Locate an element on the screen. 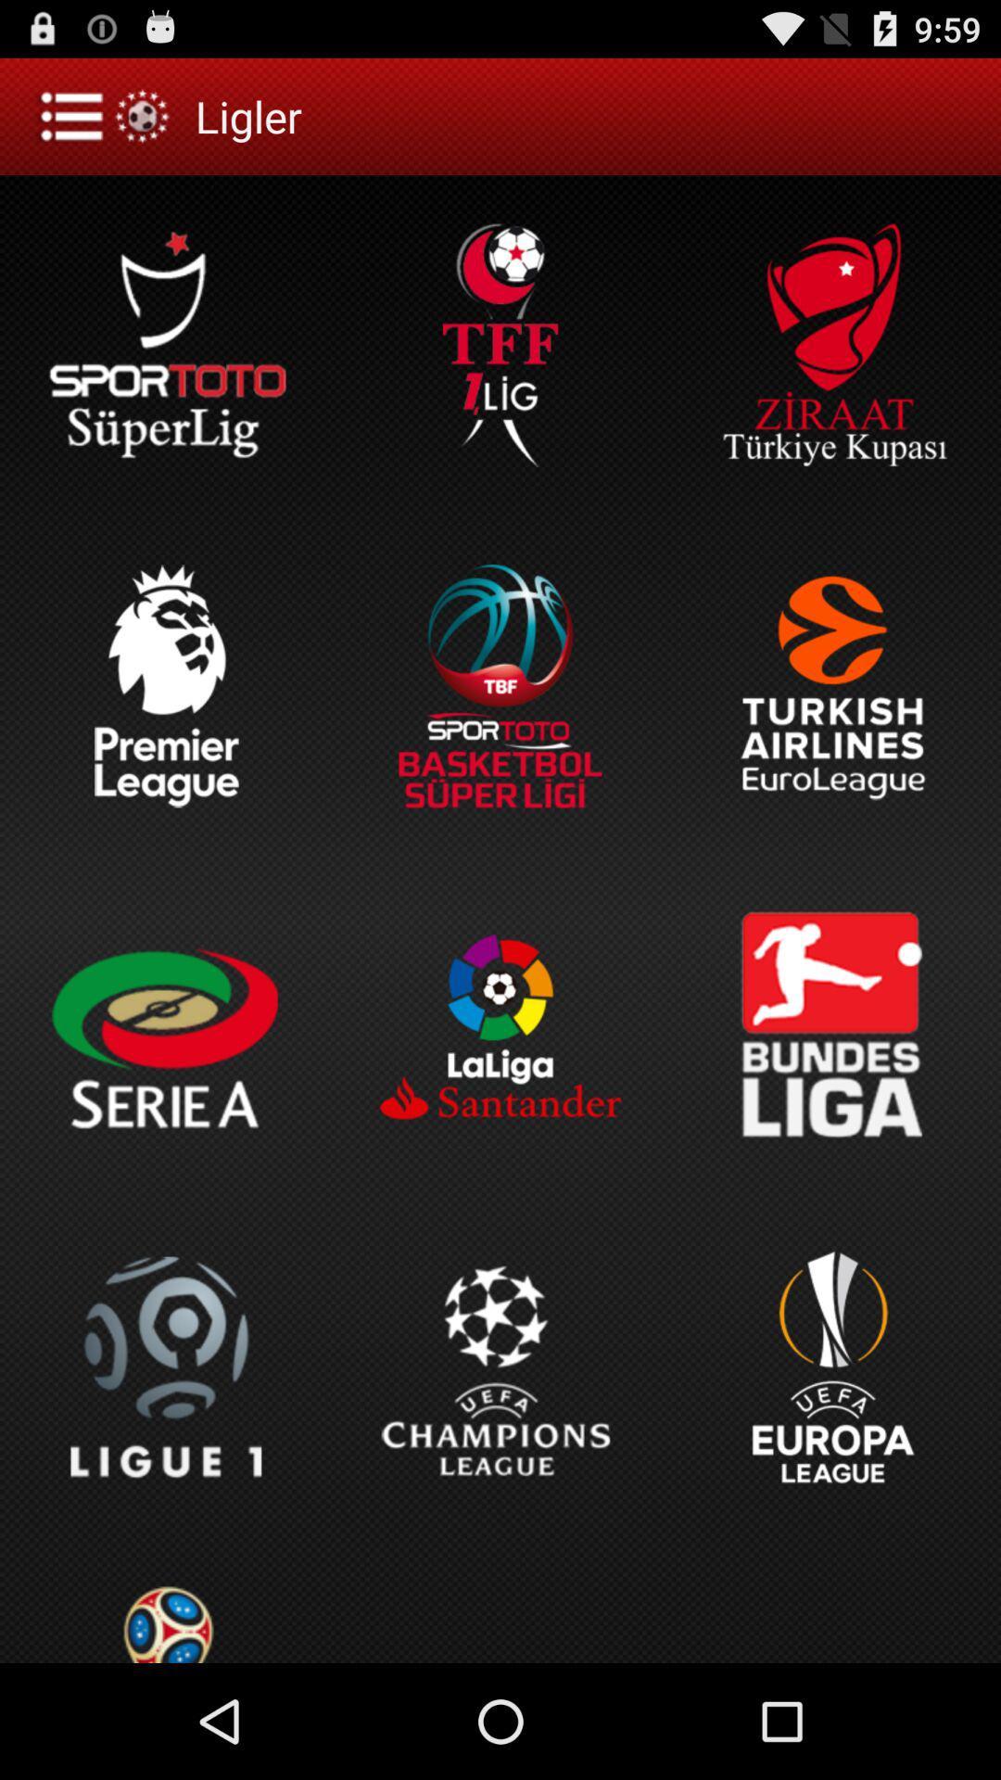 The image size is (1001, 1780). uefa europa league is located at coordinates (832, 1367).